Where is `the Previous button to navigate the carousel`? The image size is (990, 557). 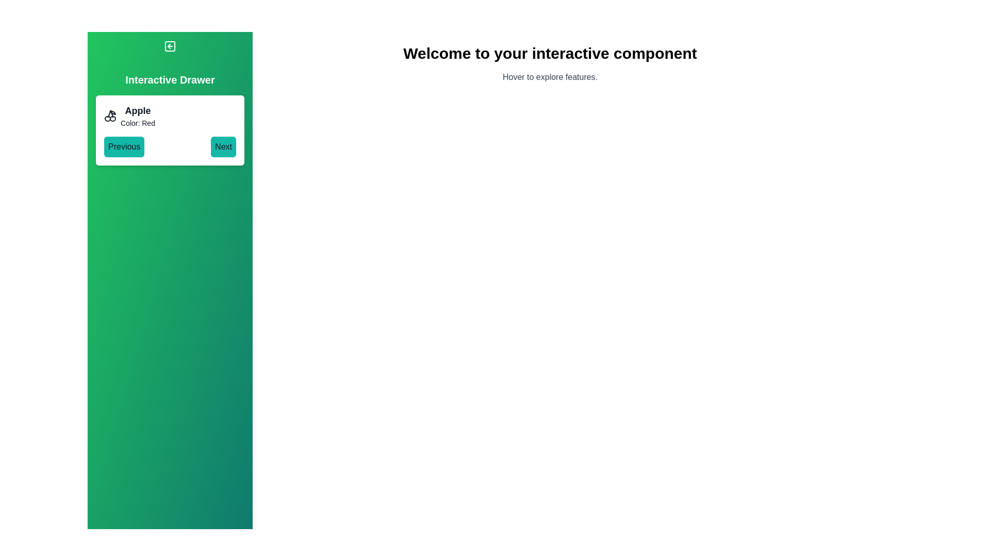
the Previous button to navigate the carousel is located at coordinates (124, 147).